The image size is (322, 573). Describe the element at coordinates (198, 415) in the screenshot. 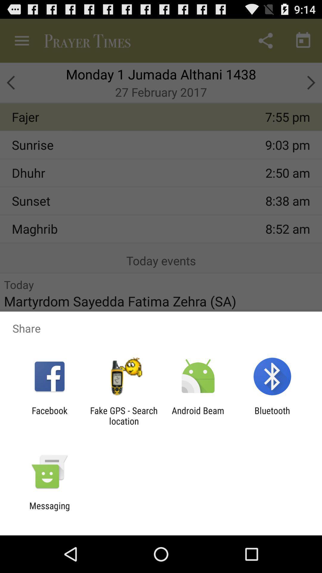

I see `the app to the right of fake gps search` at that location.